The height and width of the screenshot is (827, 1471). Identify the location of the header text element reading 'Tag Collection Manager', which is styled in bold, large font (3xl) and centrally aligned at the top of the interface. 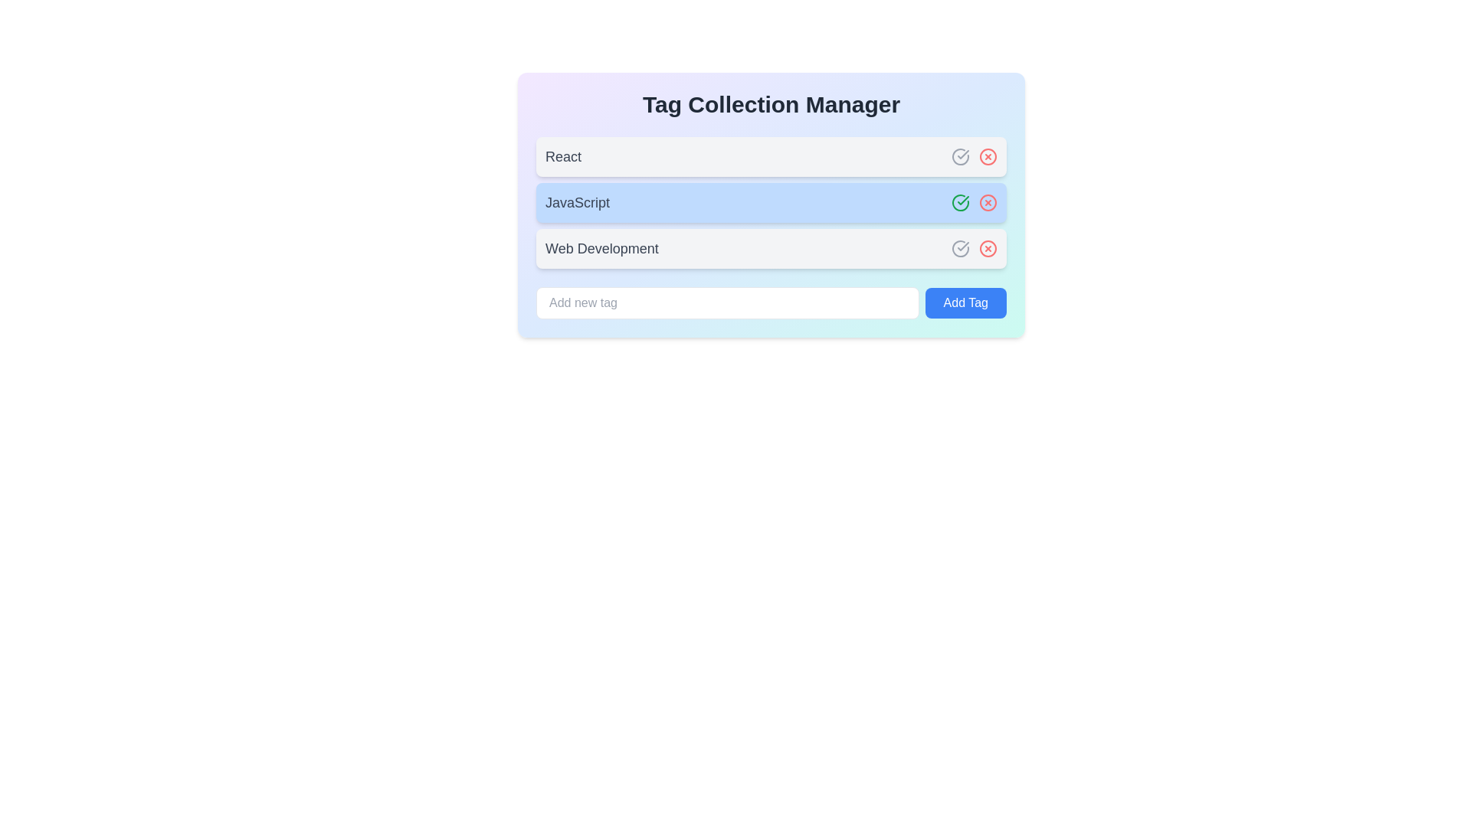
(772, 104).